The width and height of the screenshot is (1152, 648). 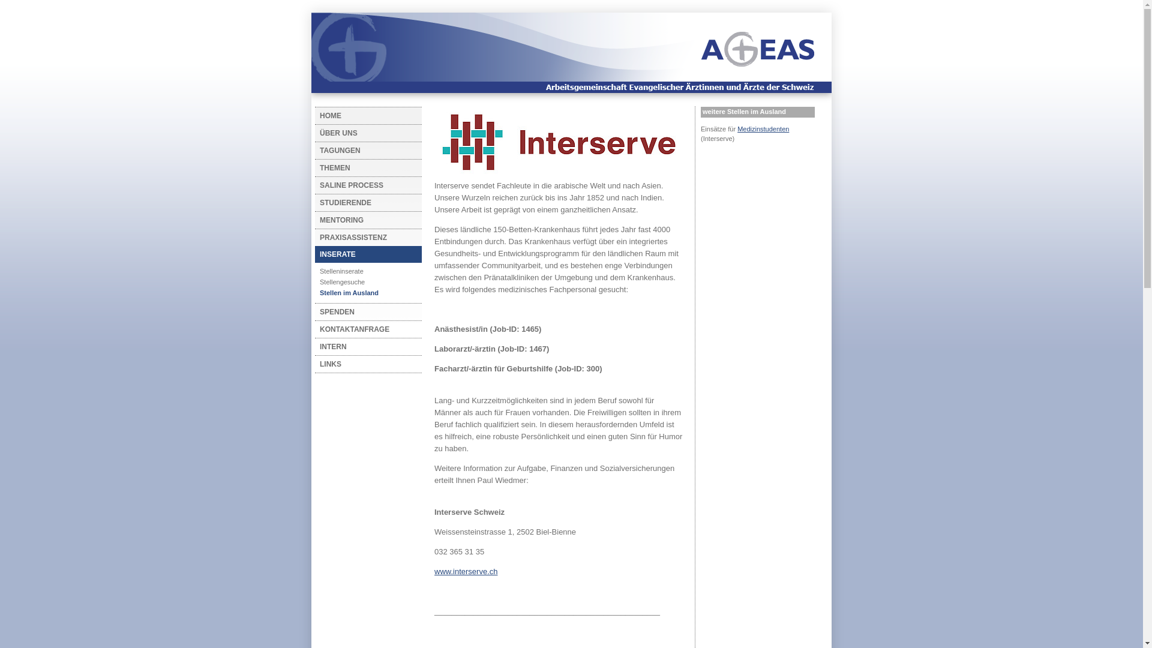 I want to click on 'Medizinstudenten', so click(x=736, y=129).